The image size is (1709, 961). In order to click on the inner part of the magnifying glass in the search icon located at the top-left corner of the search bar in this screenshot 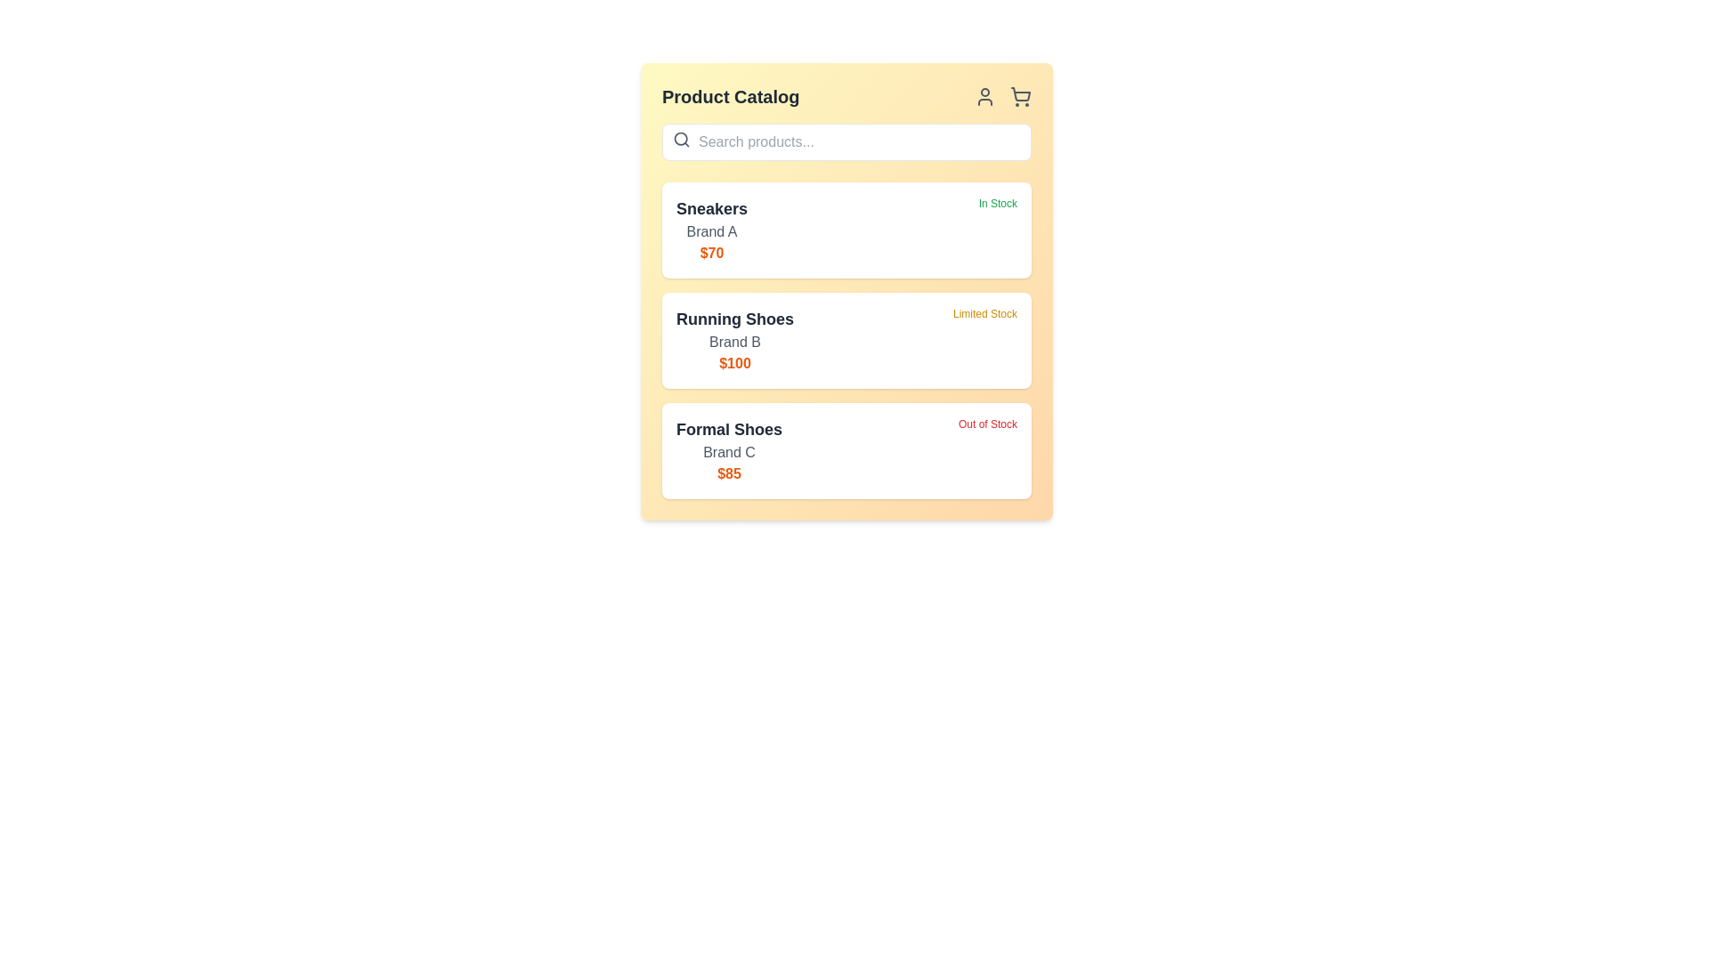, I will do `click(680, 138)`.